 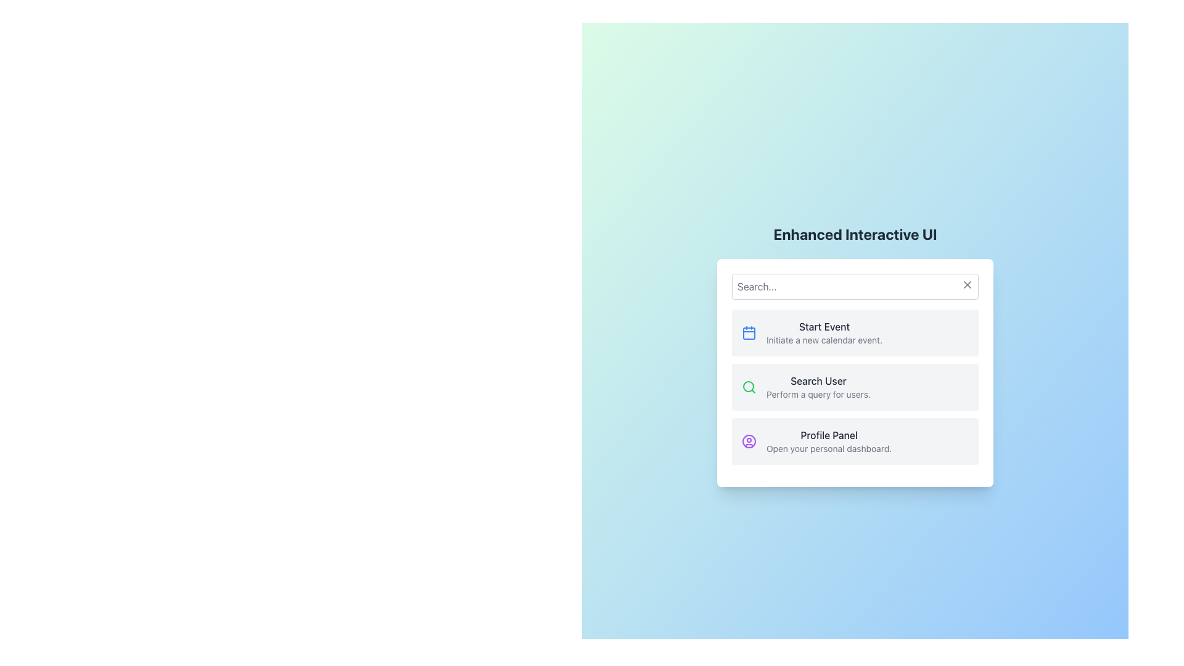 What do you see at coordinates (855, 387) in the screenshot?
I see `the second menu option for searching a user within the application to navigate` at bounding box center [855, 387].